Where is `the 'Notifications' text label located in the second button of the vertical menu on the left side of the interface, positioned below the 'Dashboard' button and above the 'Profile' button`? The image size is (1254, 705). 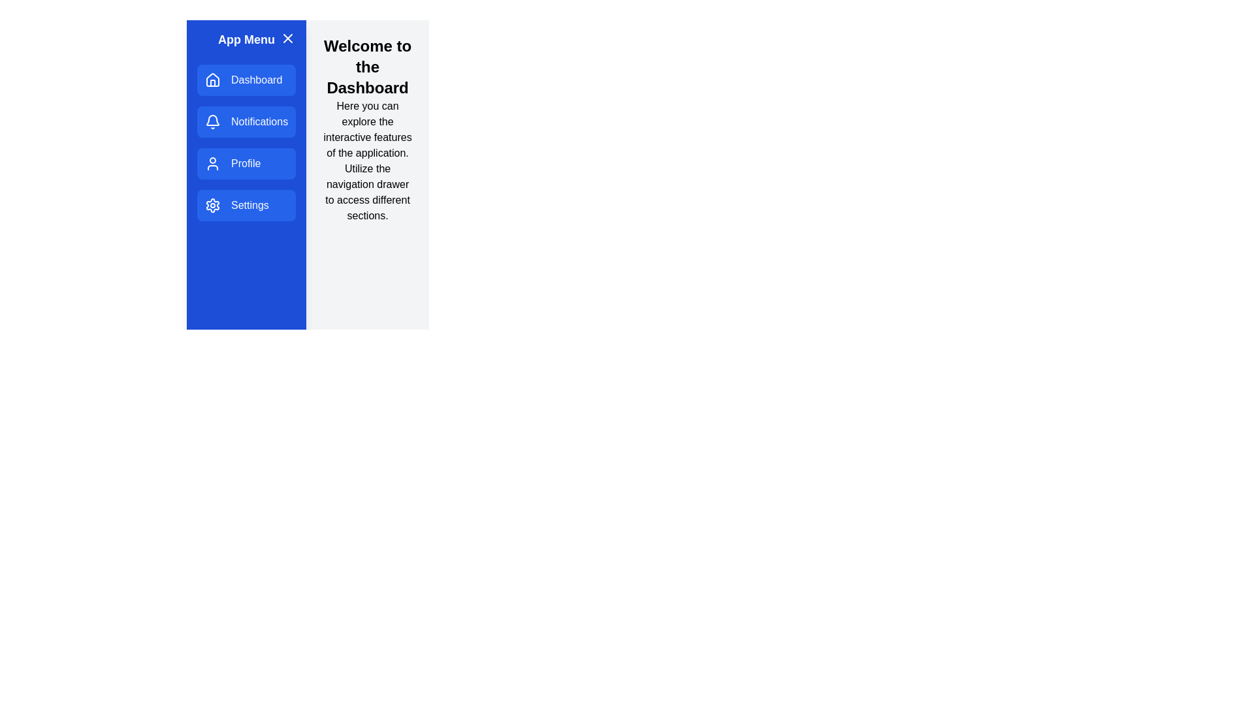
the 'Notifications' text label located in the second button of the vertical menu on the left side of the interface, positioned below the 'Dashboard' button and above the 'Profile' button is located at coordinates (259, 121).